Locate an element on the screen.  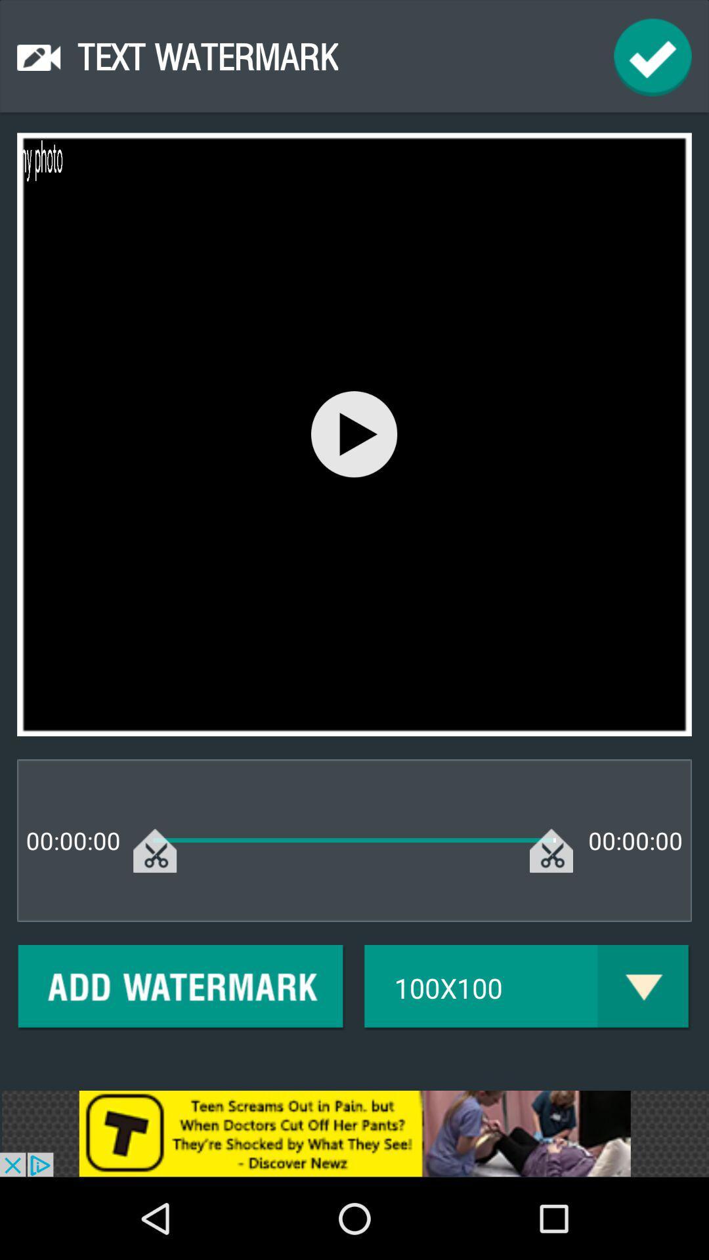
watermark is located at coordinates (181, 988).